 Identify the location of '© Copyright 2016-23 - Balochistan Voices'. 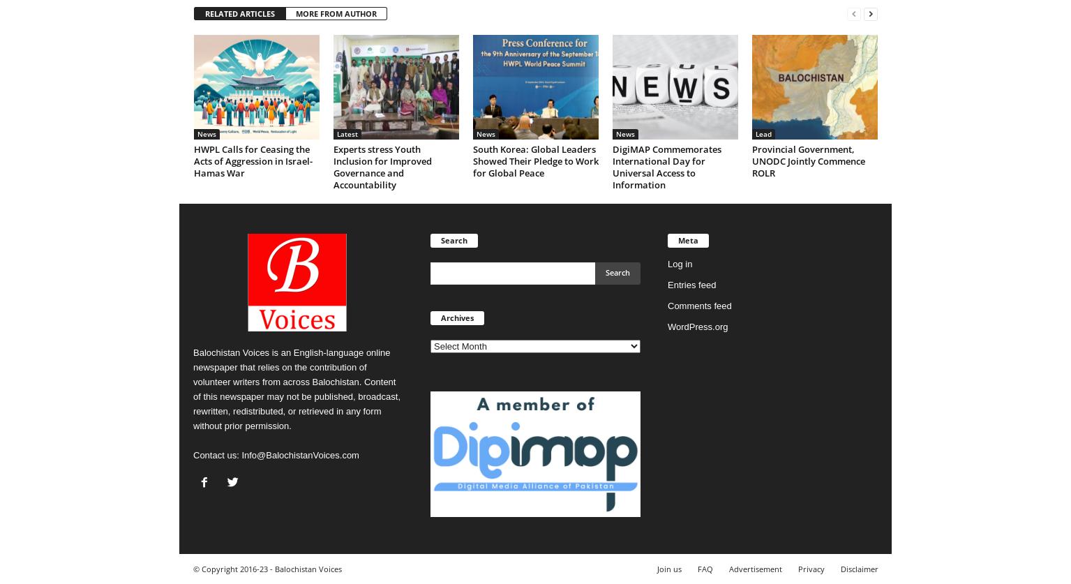
(193, 568).